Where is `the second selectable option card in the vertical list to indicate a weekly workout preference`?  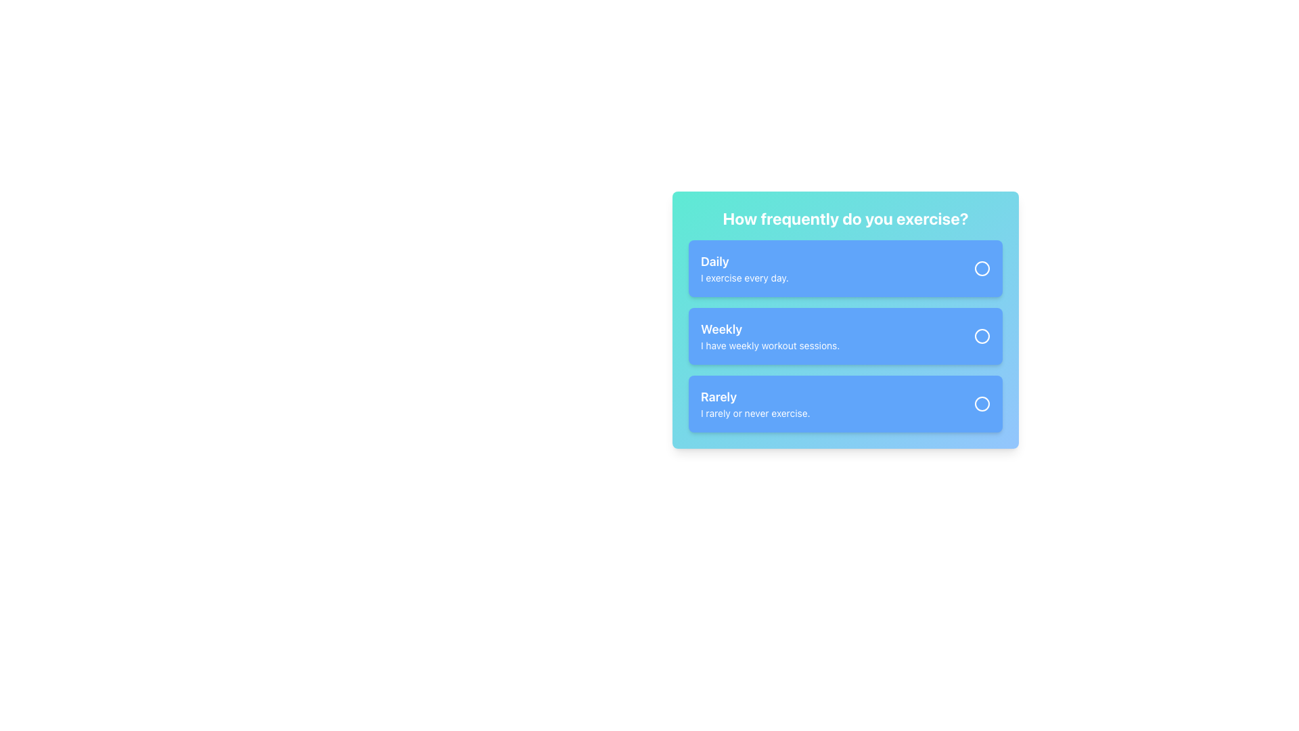 the second selectable option card in the vertical list to indicate a weekly workout preference is located at coordinates (844, 336).